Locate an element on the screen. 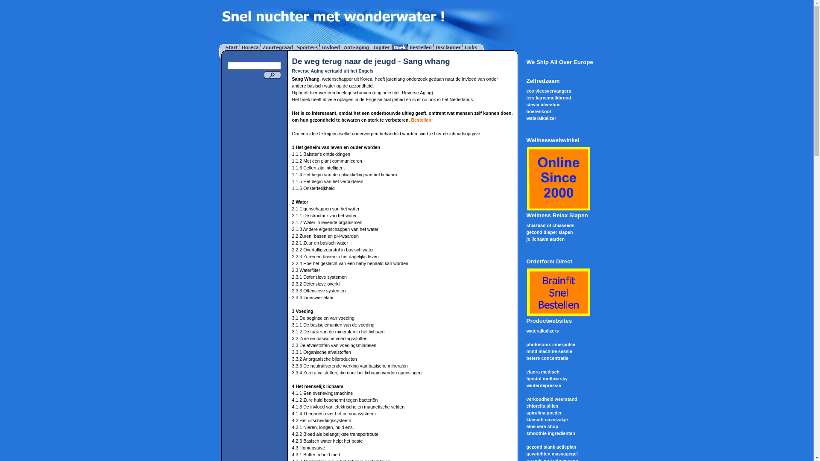 This screenshot has width=820, height=461. 'chiazaad of chiaseeds' is located at coordinates (550, 225).